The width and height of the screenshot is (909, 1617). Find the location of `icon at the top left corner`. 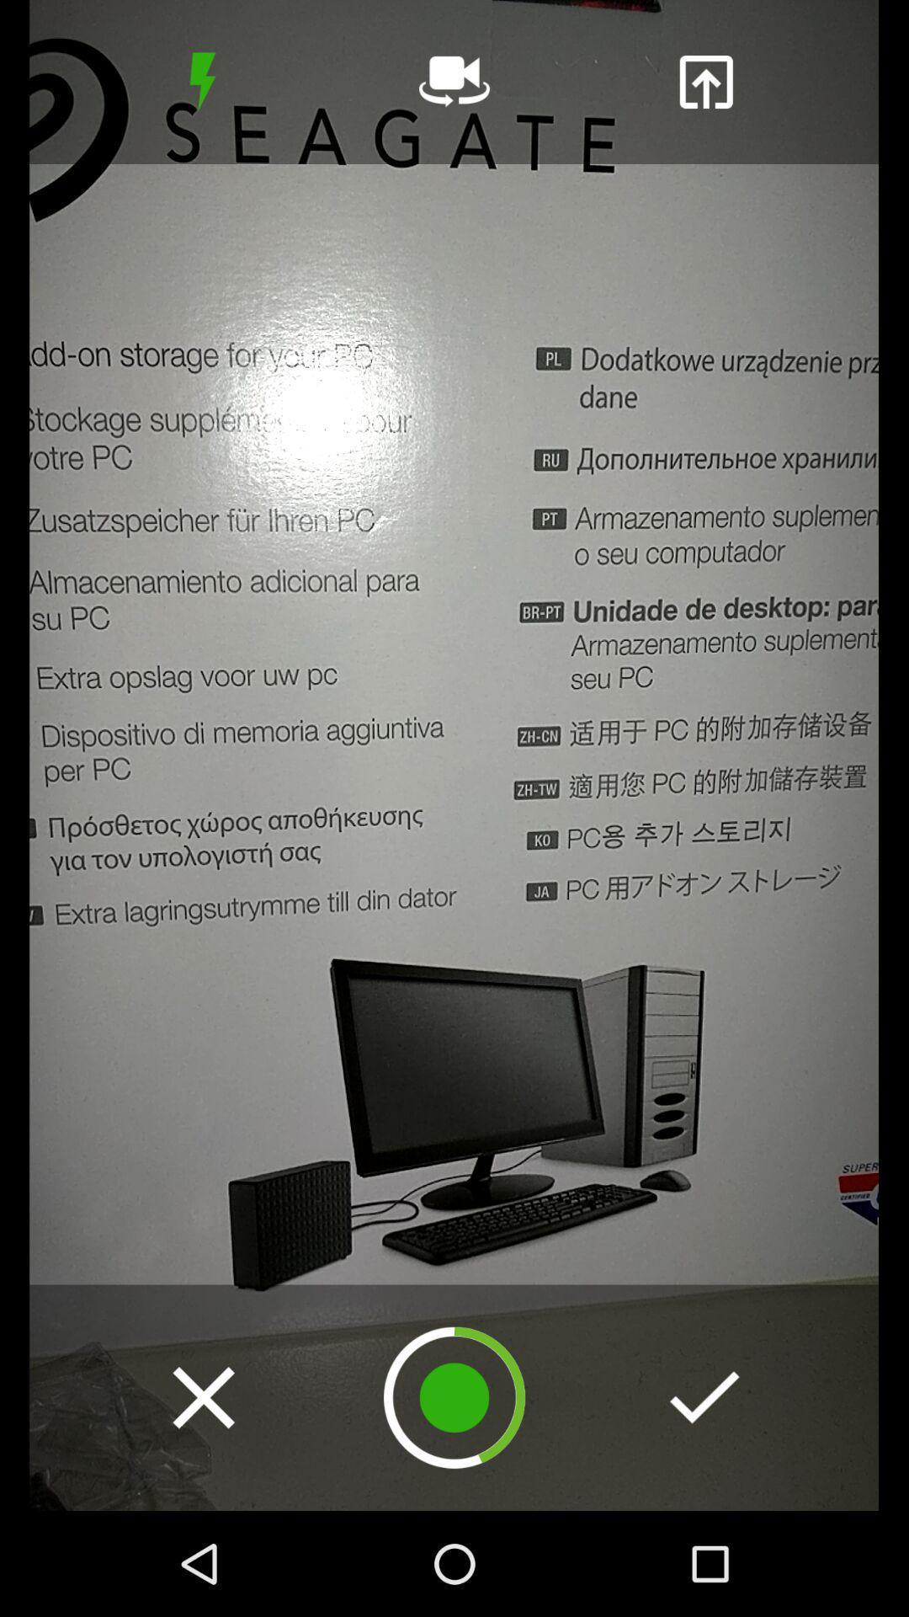

icon at the top left corner is located at coordinates (202, 81).